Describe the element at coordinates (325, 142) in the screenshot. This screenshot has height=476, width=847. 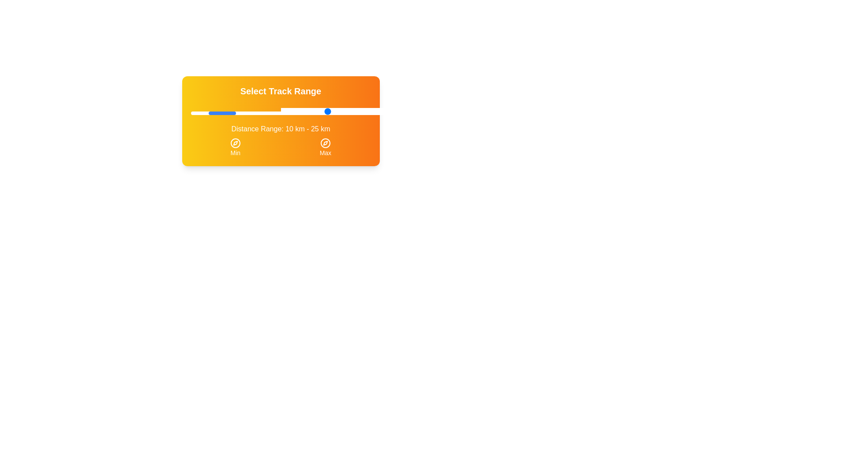
I see `the compass-like icon with a circular outline and inner directional indicators, colored white, located in the lower right corner of the orange card, above the text 'Max'` at that location.